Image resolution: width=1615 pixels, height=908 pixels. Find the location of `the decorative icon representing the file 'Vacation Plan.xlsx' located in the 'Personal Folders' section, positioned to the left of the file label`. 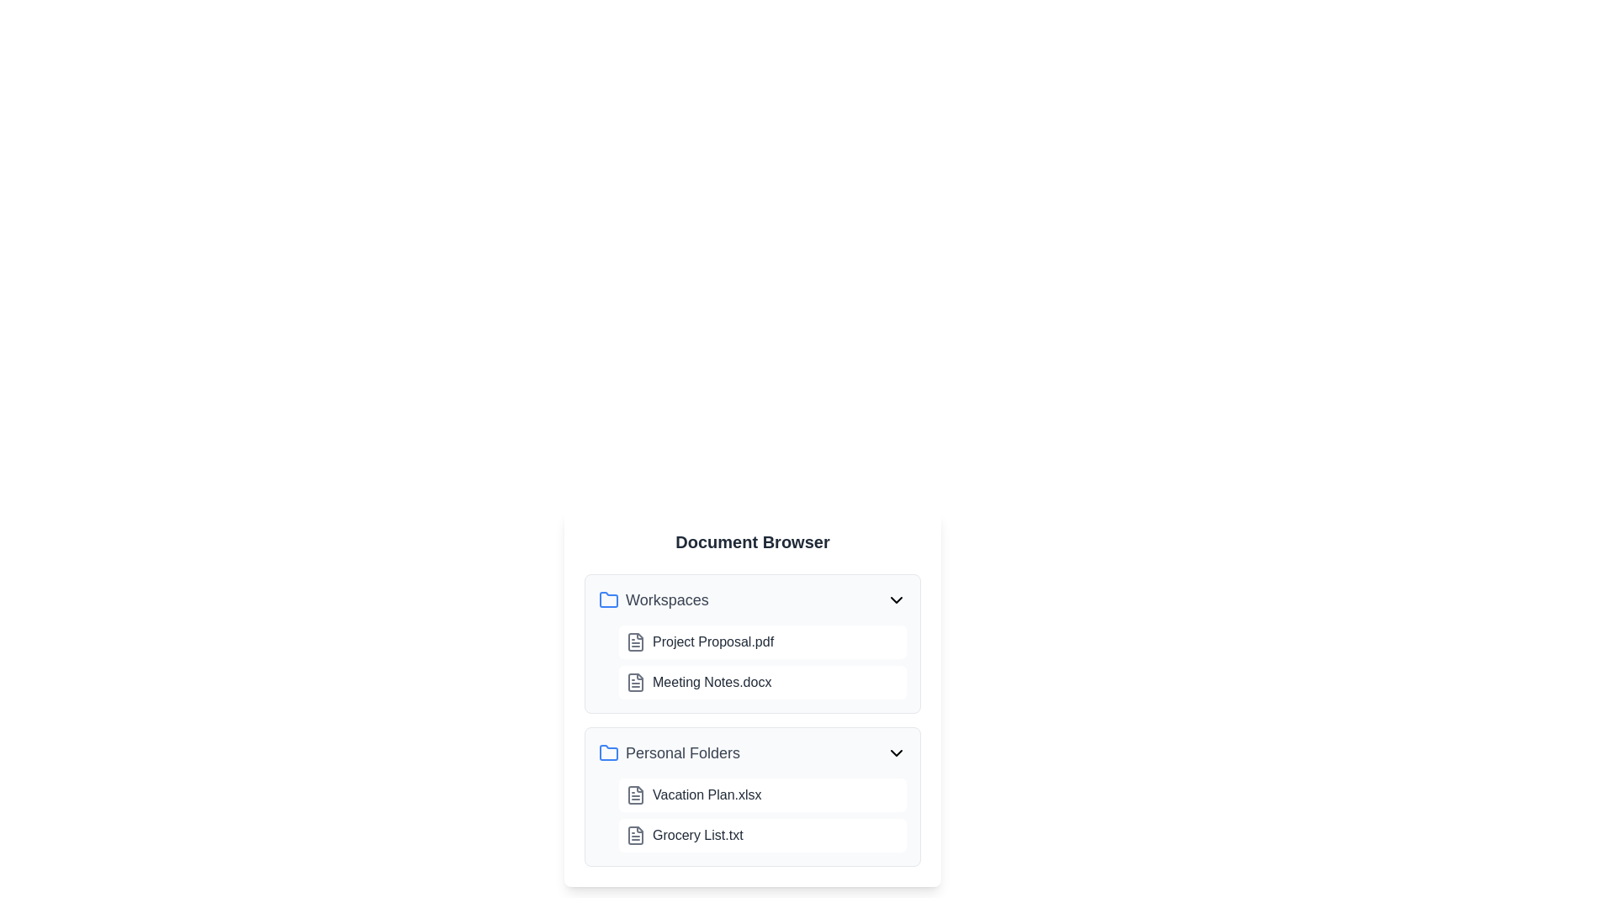

the decorative icon representing the file 'Vacation Plan.xlsx' located in the 'Personal Folders' section, positioned to the left of the file label is located at coordinates (634, 794).